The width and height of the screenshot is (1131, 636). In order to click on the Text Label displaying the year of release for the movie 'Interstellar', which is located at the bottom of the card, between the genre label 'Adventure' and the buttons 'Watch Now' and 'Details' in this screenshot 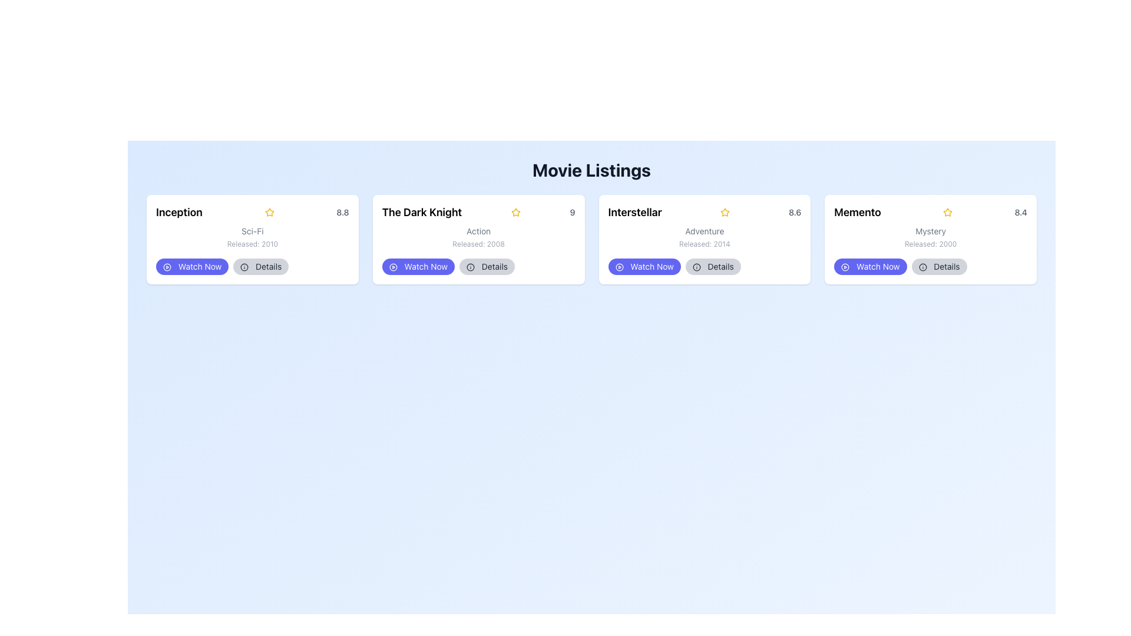, I will do `click(705, 244)`.